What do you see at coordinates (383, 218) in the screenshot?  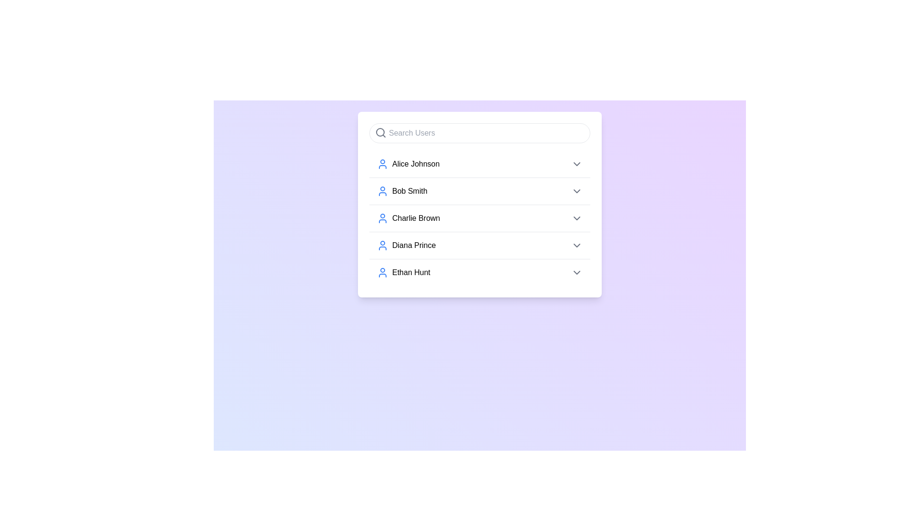 I see `the circular user profile icon with a blue outline positioned to the left of 'Charlie Brown'` at bounding box center [383, 218].